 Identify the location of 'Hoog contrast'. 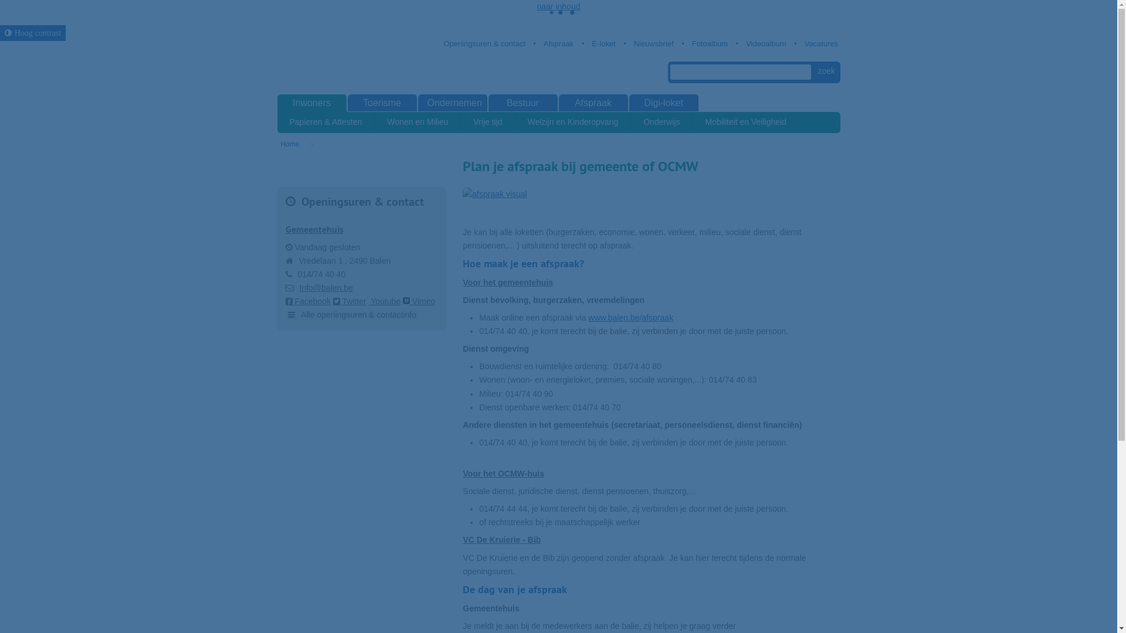
(0, 32).